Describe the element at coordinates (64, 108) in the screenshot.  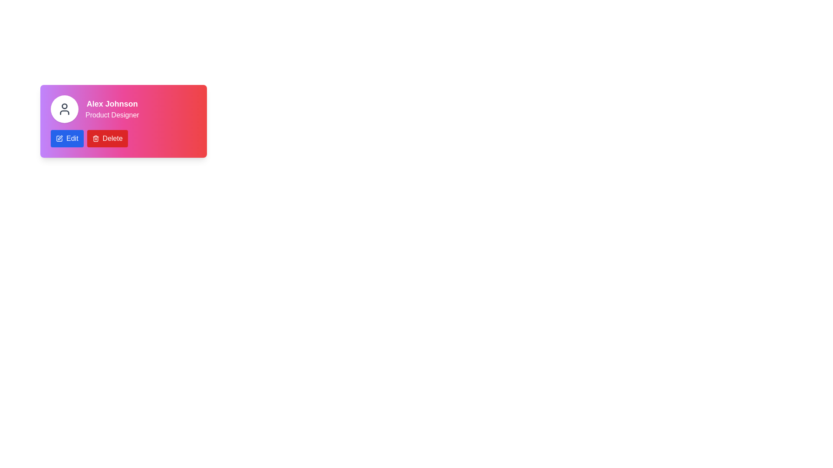
I see `the user profile icon, which is a circular icon with a dark gray outline located at the top-left of the card containing user 'Alex Johnson' details, for potential interactions` at that location.